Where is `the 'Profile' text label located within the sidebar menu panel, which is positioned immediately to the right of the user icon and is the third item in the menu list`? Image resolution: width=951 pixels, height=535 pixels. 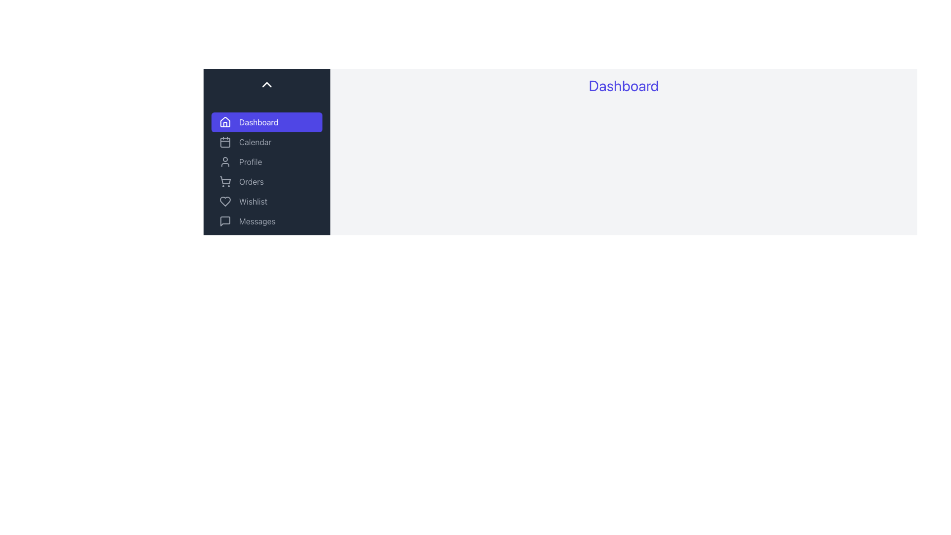
the 'Profile' text label located within the sidebar menu panel, which is positioned immediately to the right of the user icon and is the third item in the menu list is located at coordinates (251, 161).